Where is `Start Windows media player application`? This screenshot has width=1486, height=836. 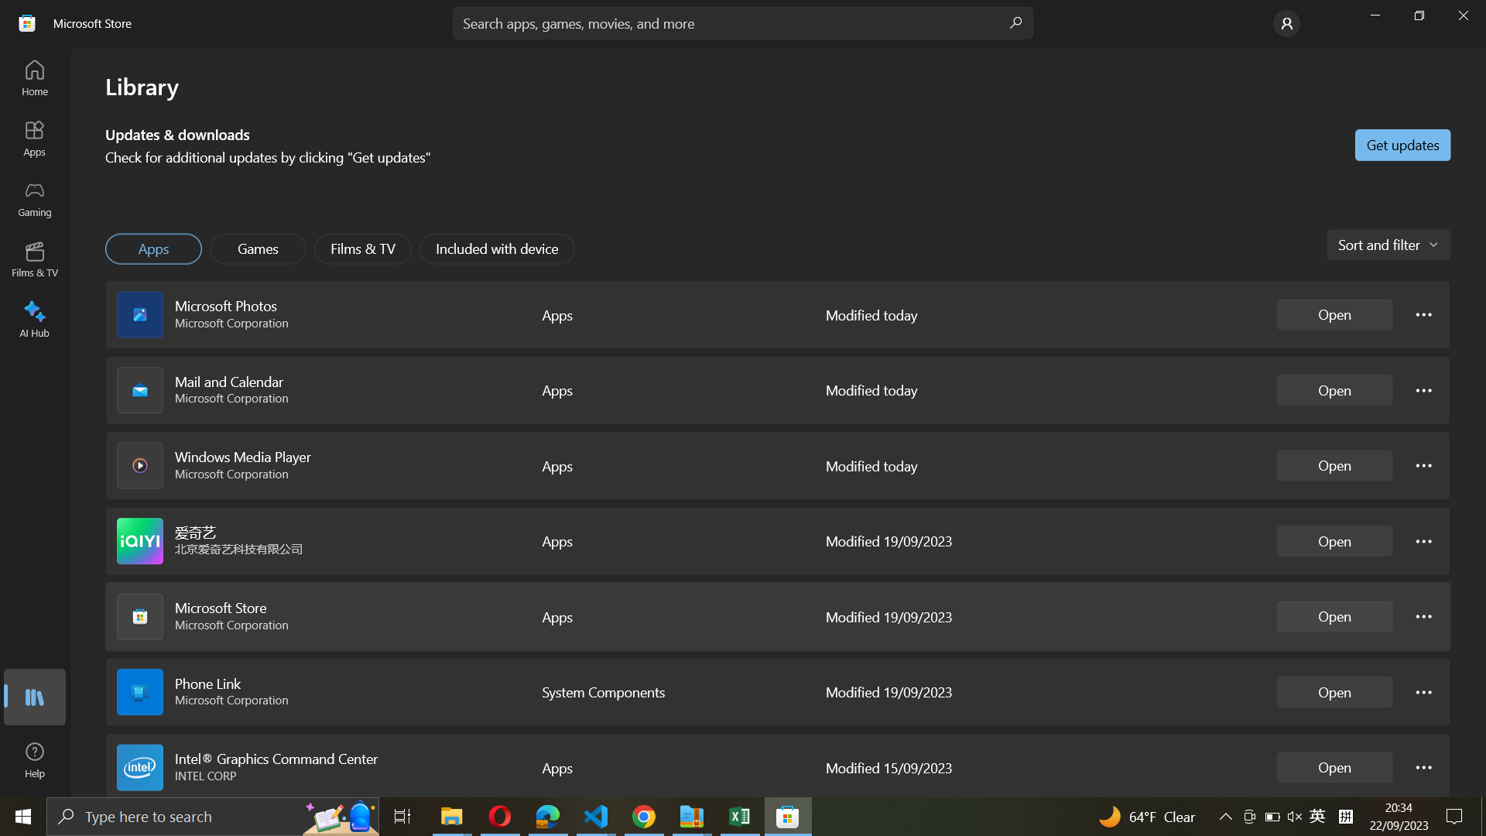
Start Windows media player application is located at coordinates (1334, 464).